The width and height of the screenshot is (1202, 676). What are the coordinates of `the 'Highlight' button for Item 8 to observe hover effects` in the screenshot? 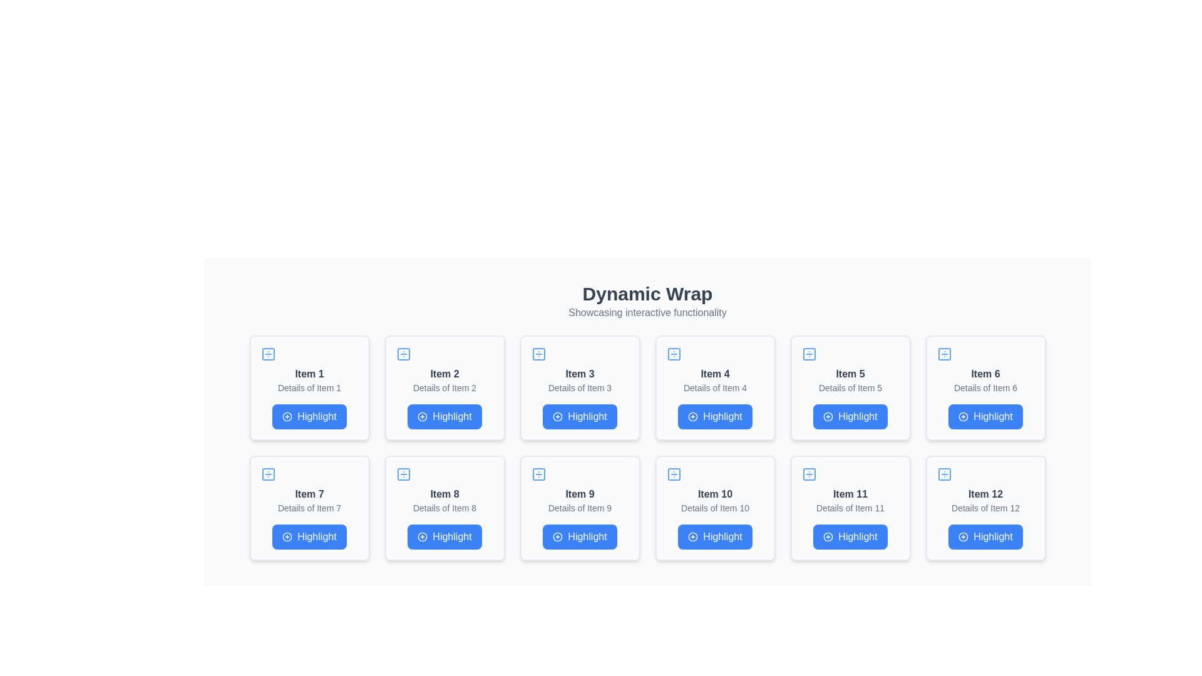 It's located at (444, 536).